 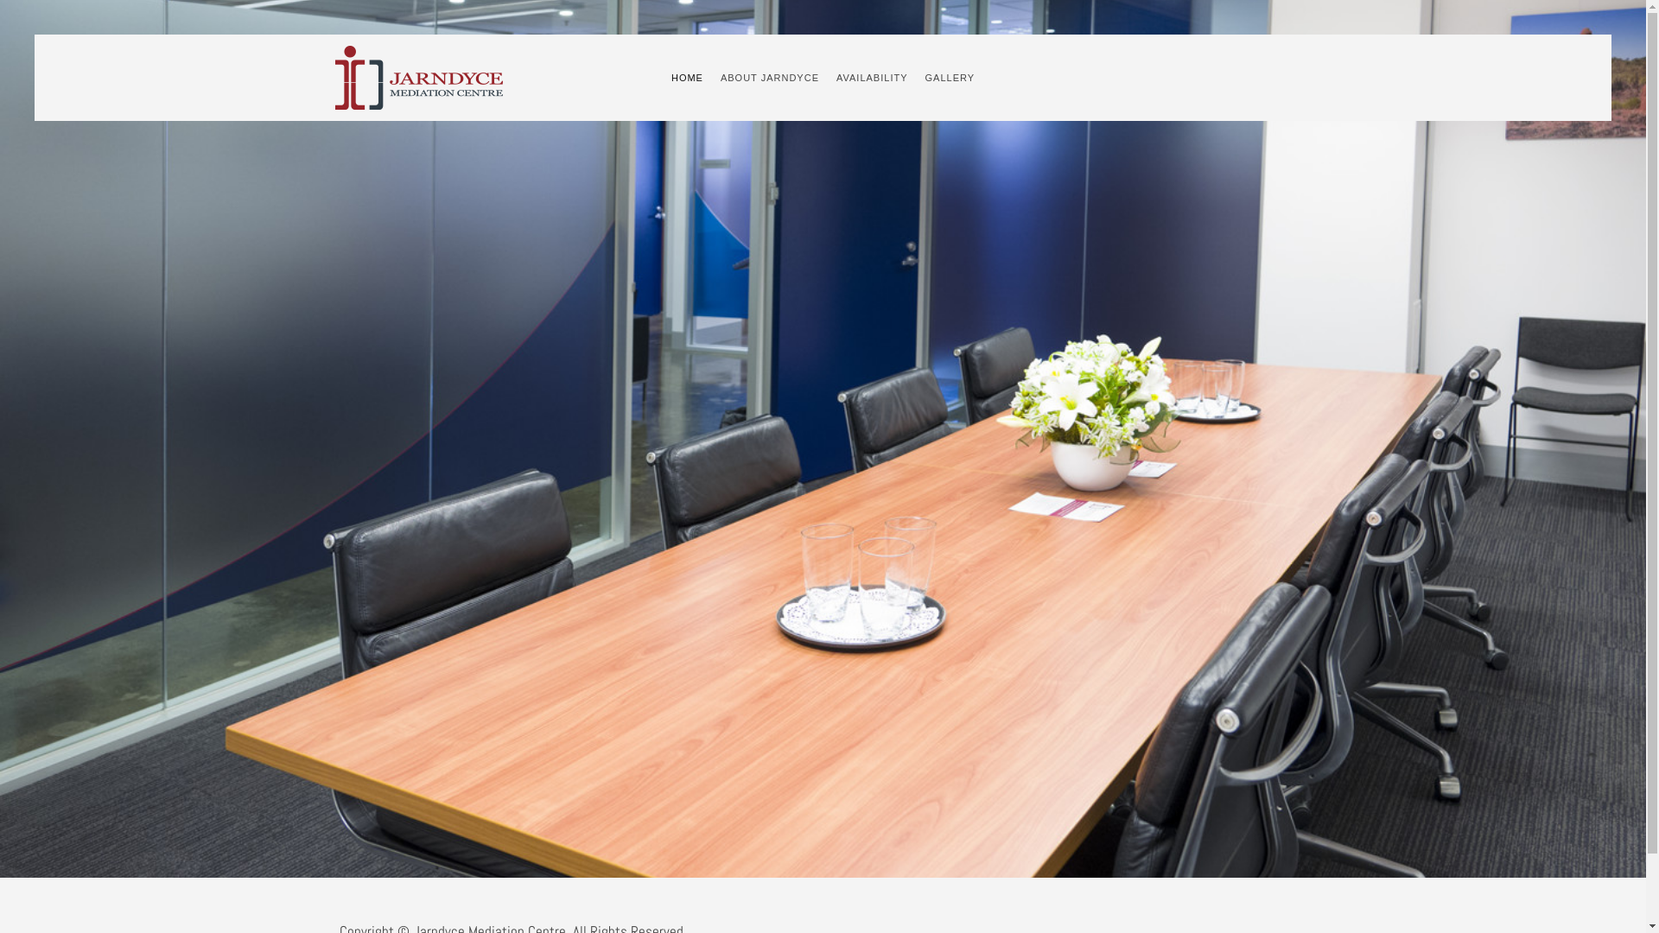 I want to click on 'GALLERY', so click(x=949, y=76).